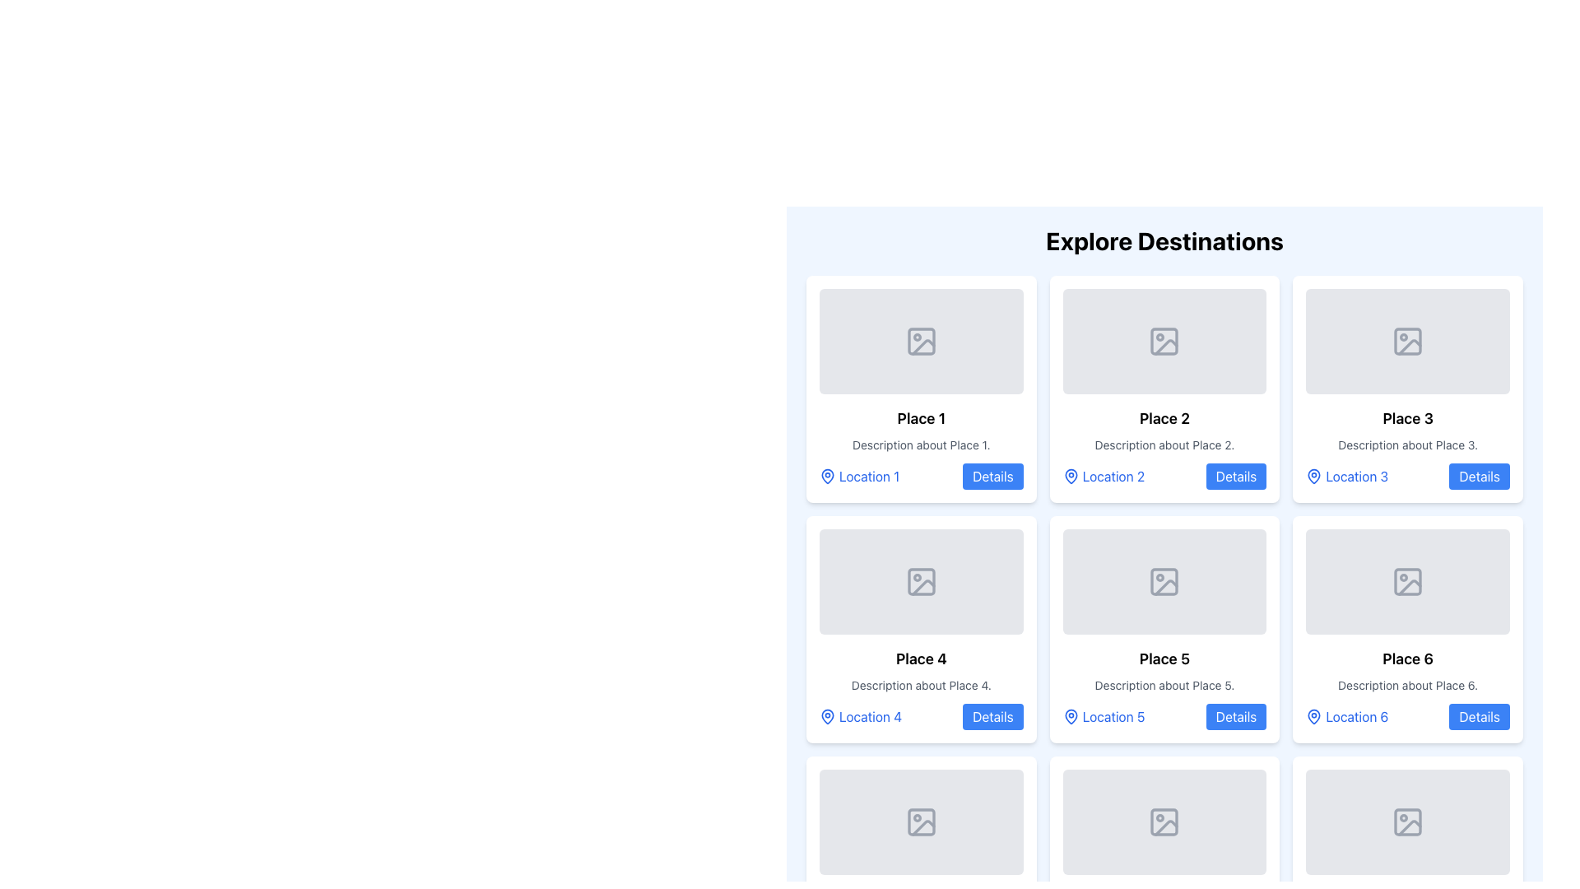  I want to click on the 'Location 6' text with the map pin icon, which is styled in blue and located in the bottom-left section of the 'Place 6' card, so click(1347, 716).